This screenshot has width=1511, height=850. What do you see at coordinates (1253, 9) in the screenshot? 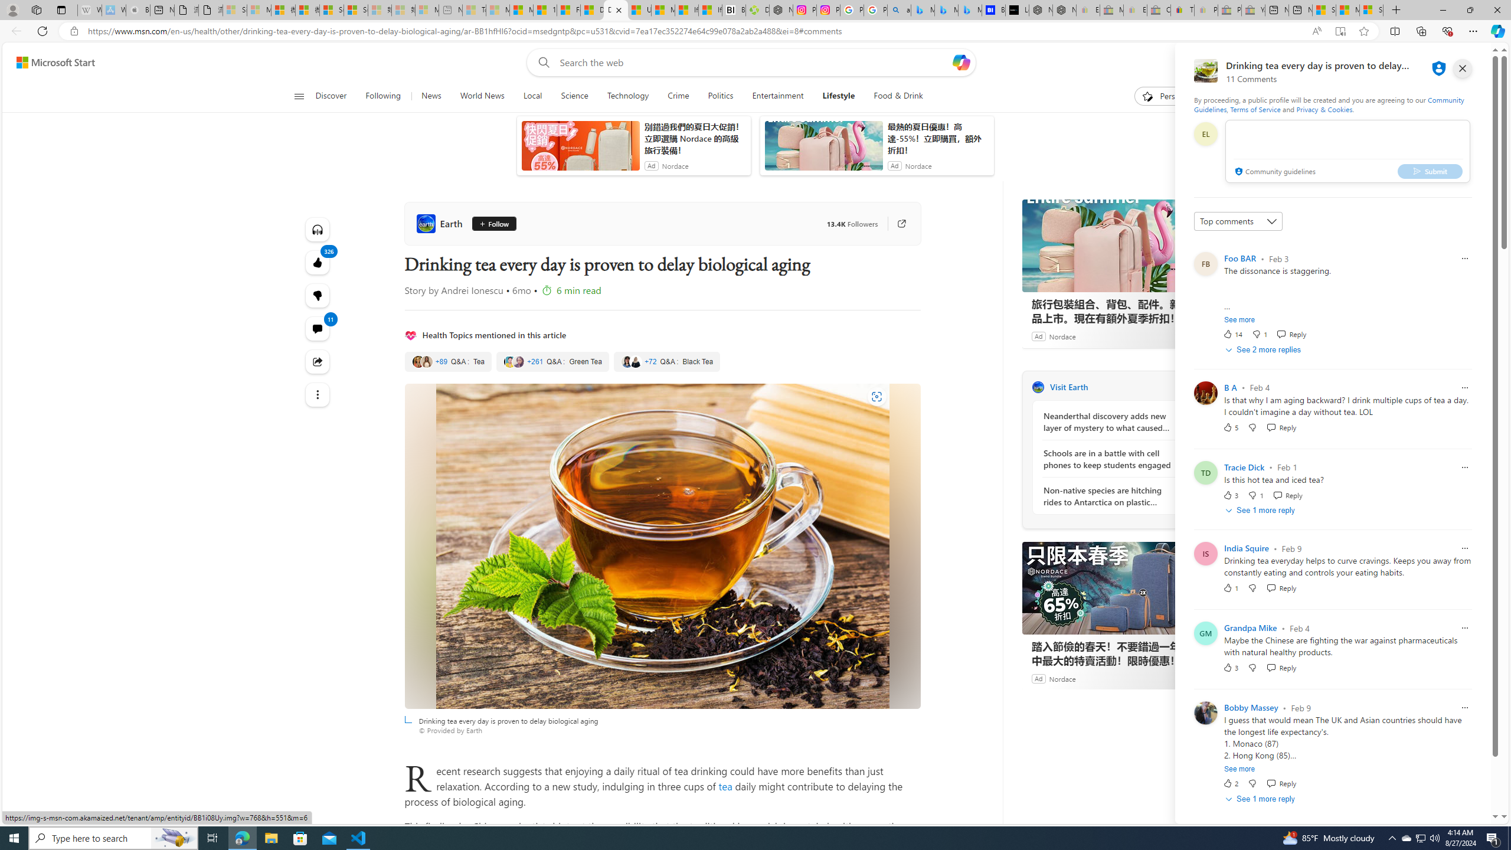
I see `'Yard, Garden & Outdoor Living - Sleeping'` at bounding box center [1253, 9].